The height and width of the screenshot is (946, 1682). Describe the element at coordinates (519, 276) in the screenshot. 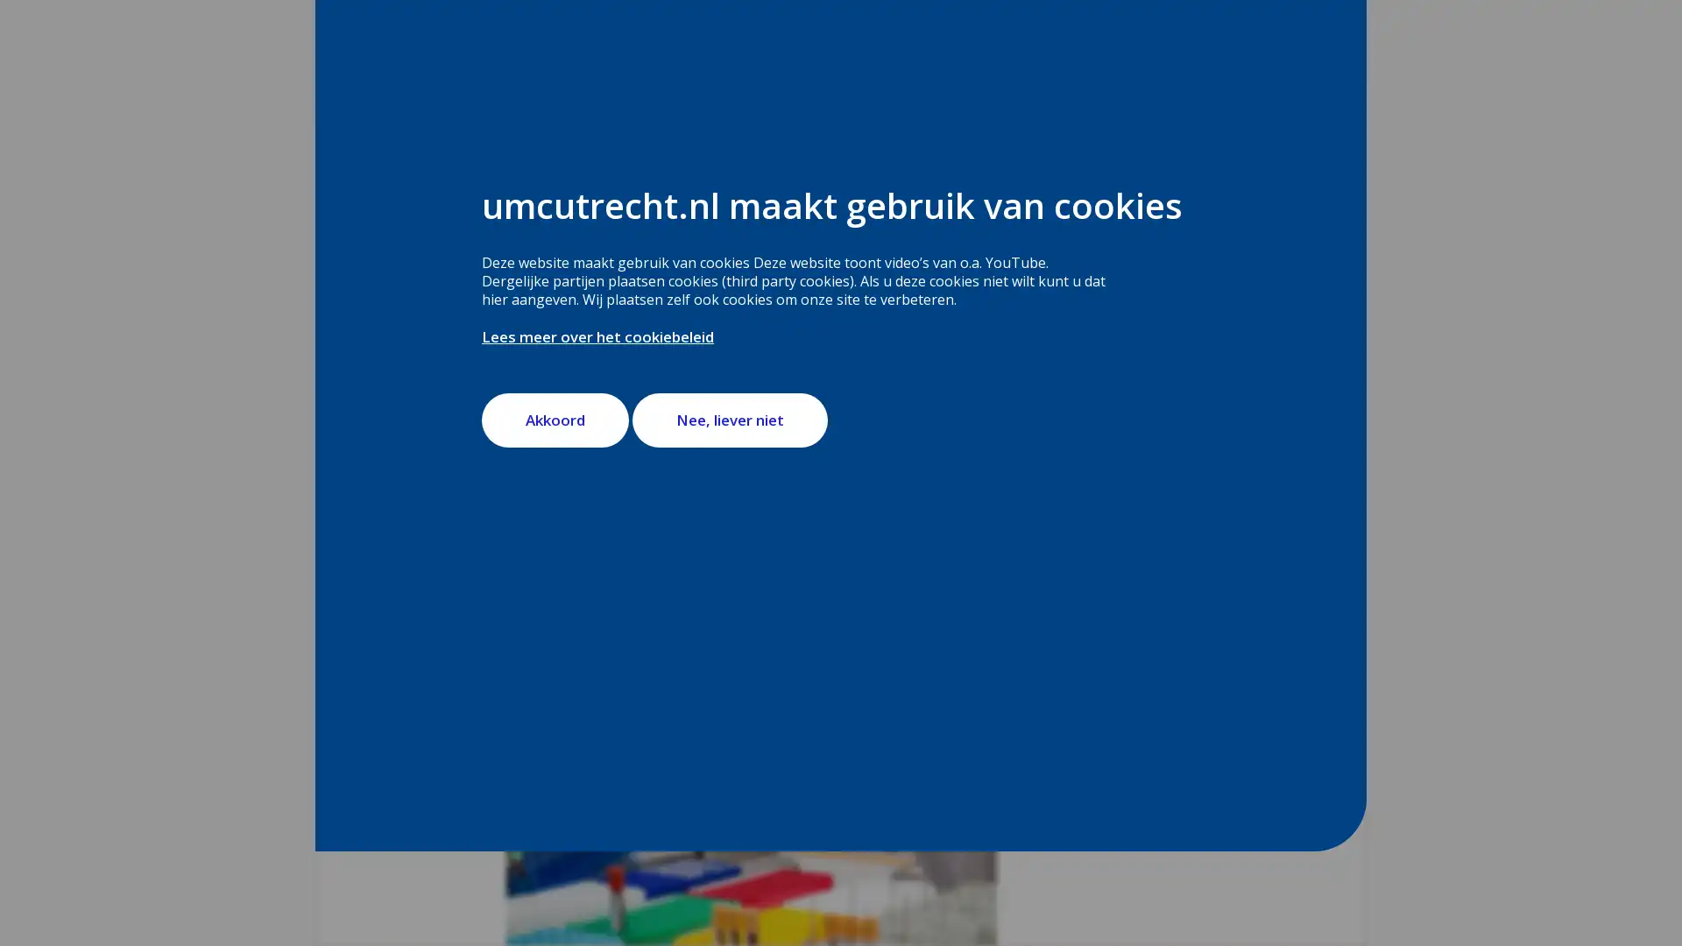

I see `webReader menu` at that location.